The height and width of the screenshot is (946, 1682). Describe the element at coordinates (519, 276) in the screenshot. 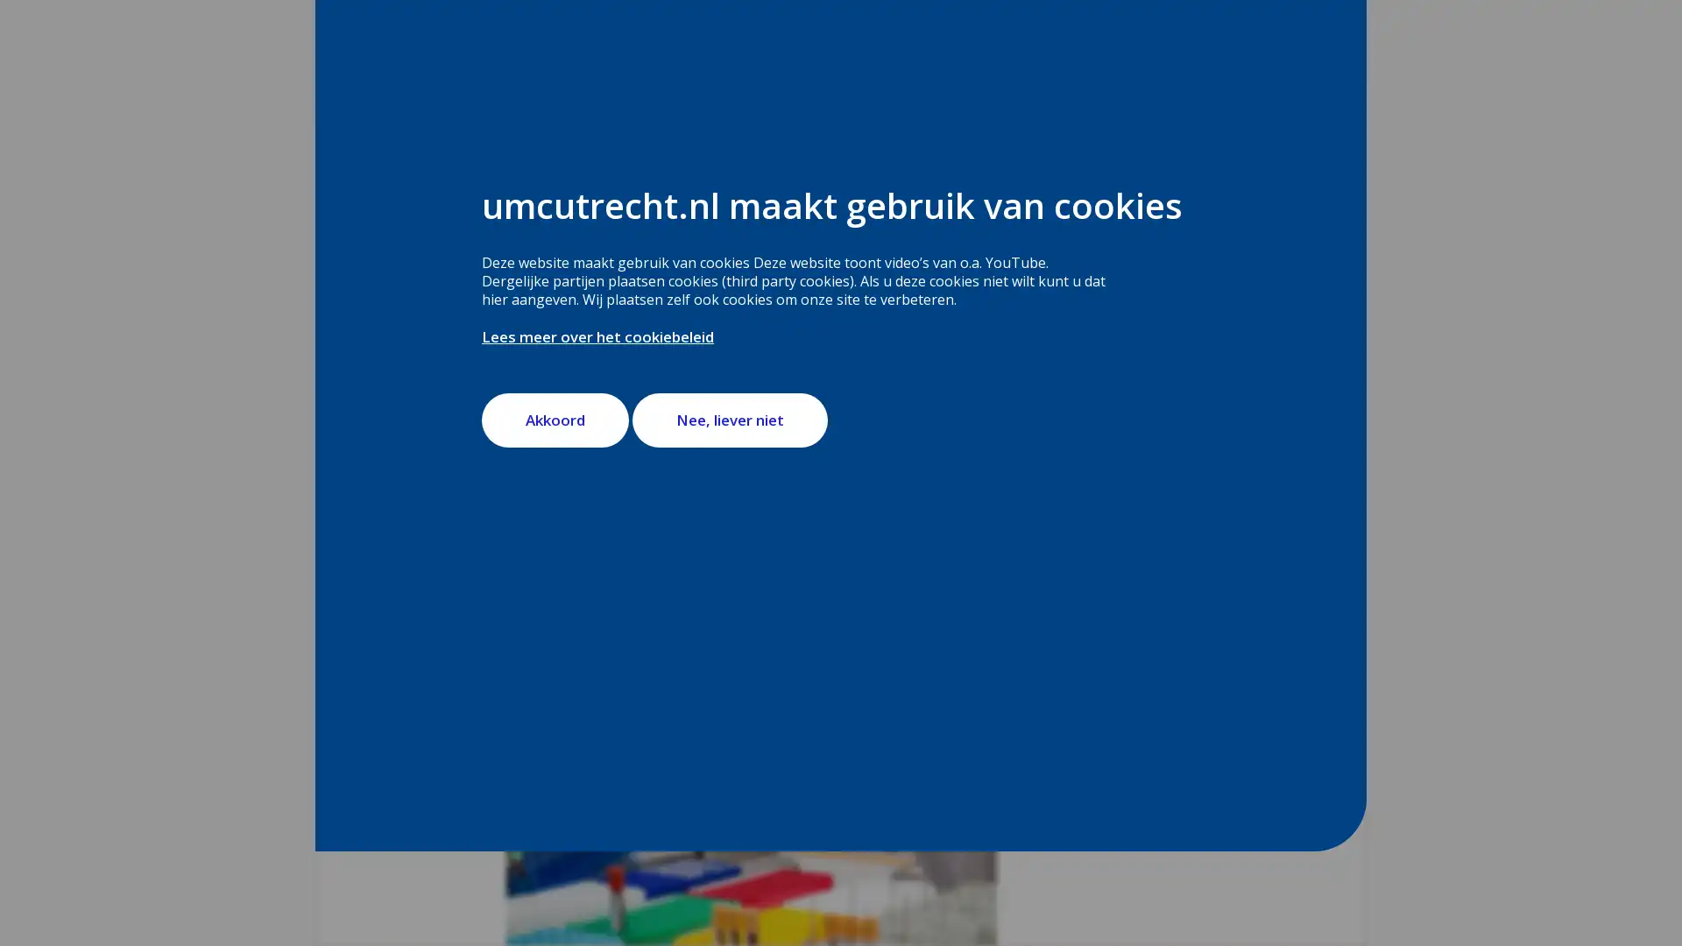

I see `webReader menu` at that location.